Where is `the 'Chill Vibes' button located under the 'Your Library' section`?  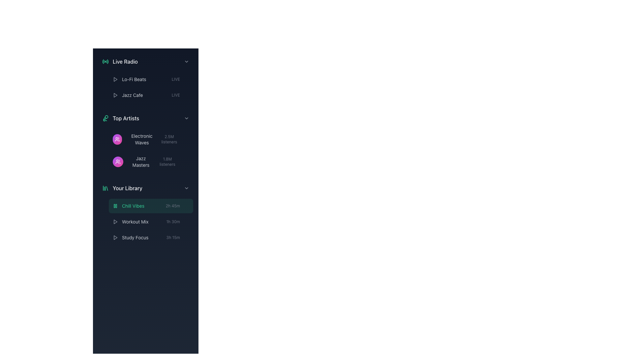
the 'Chill Vibes' button located under the 'Your Library' section is located at coordinates (145, 212).